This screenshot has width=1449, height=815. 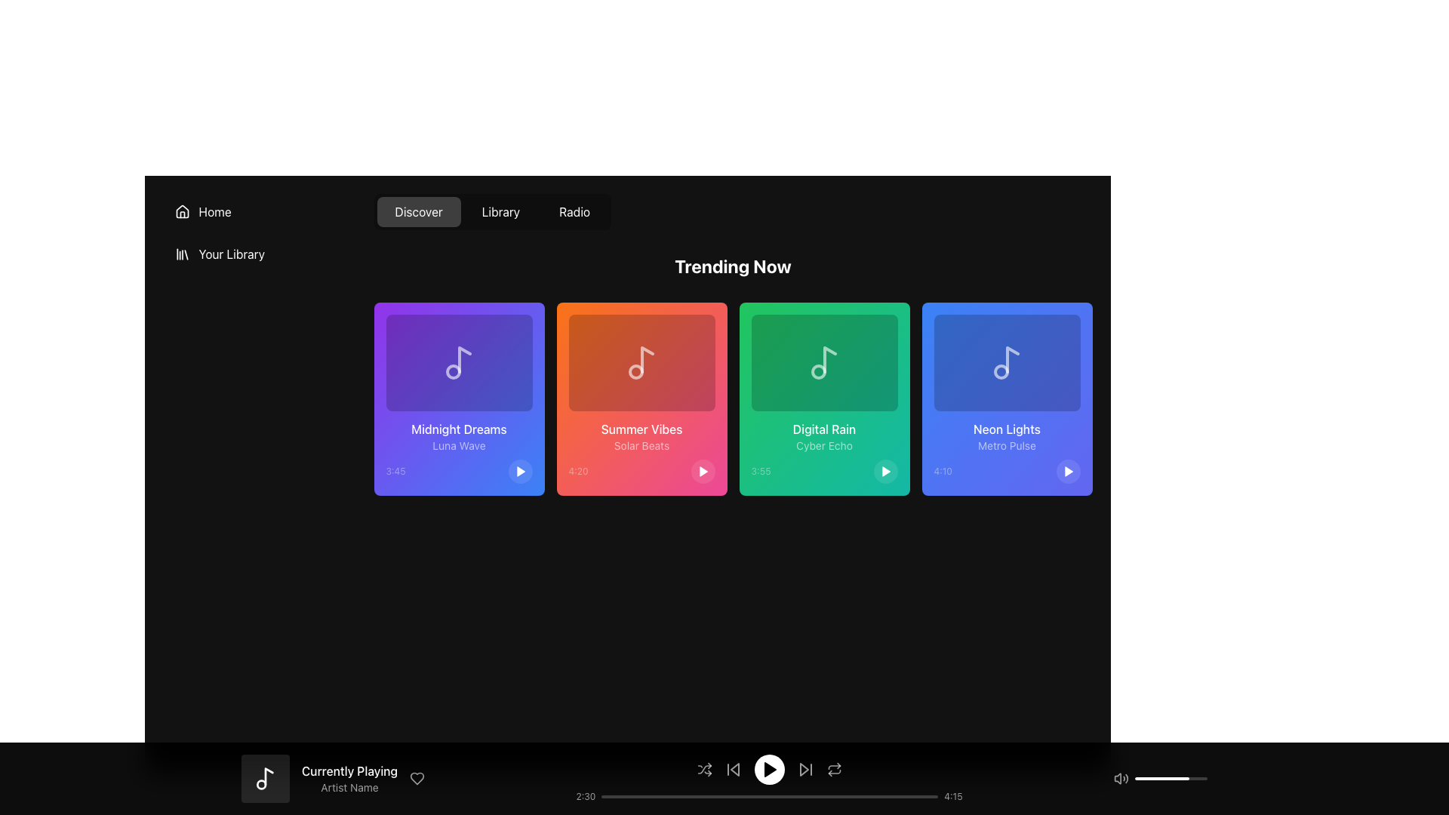 I want to click on the slider value, so click(x=1154, y=779).